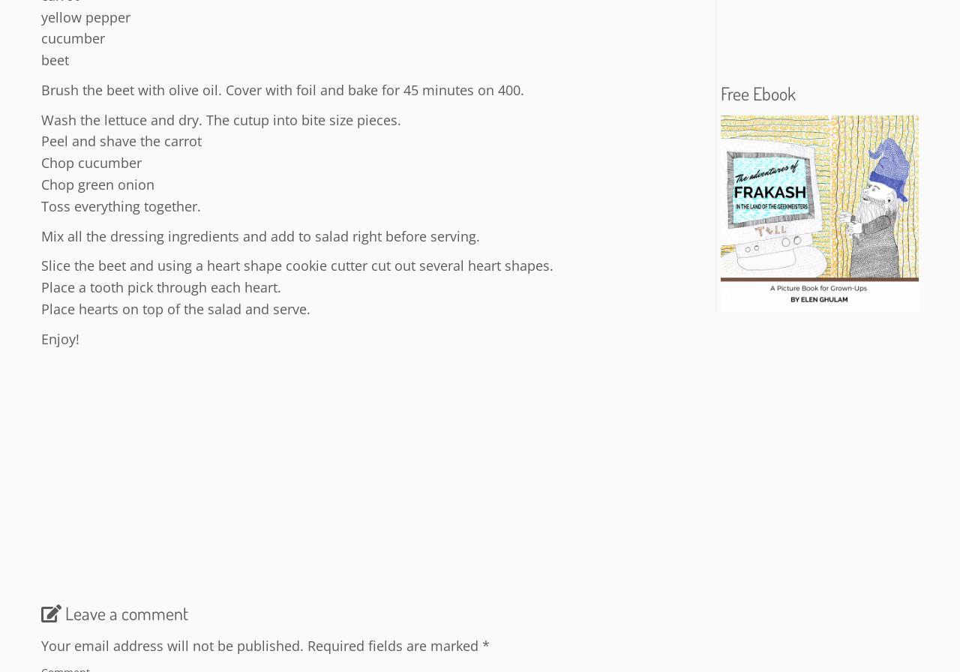 The height and width of the screenshot is (672, 960). Describe the element at coordinates (161, 287) in the screenshot. I see `'Place a tooth pick through each heart.'` at that location.